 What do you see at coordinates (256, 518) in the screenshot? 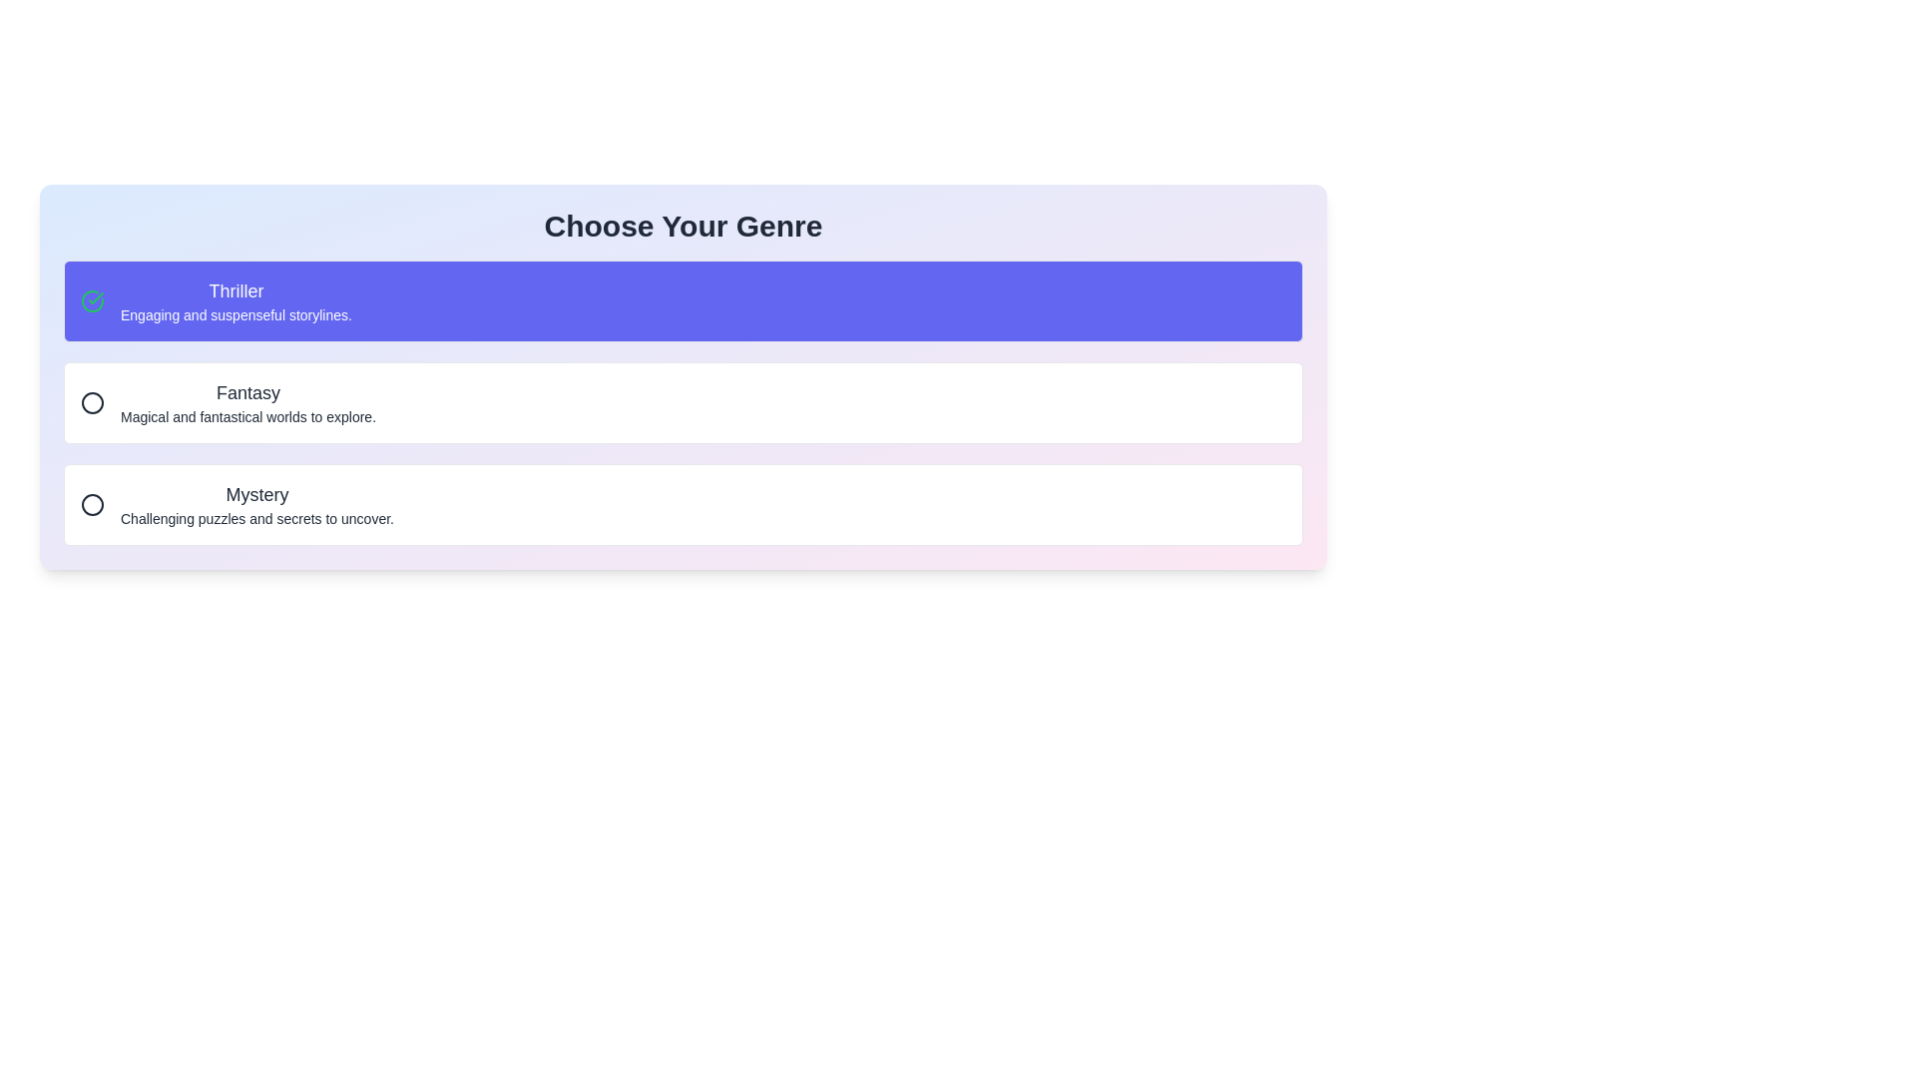
I see `the text label displaying 'Challenging puzzles and secrets to uncover.' which is located directly beneath the 'Mystery' title in the bottommost row of the list section` at bounding box center [256, 518].